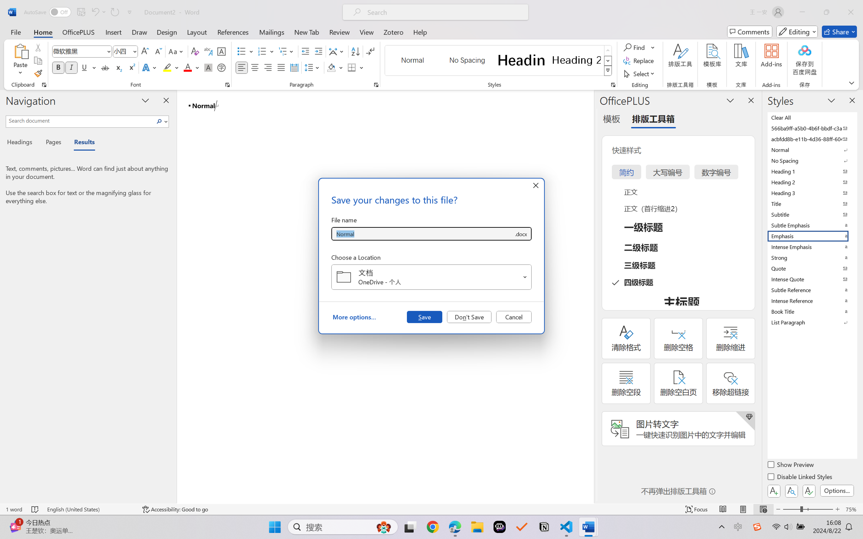  I want to click on 'Font Color Red', so click(188, 67).